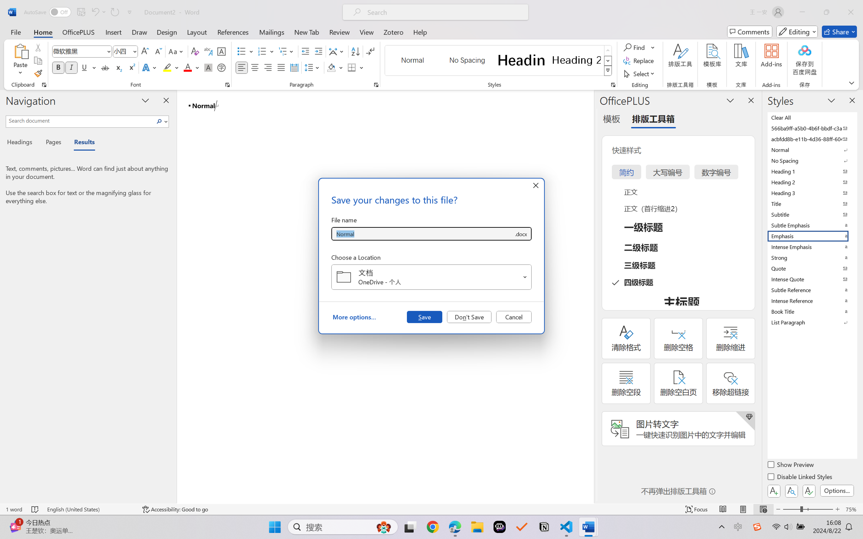  I want to click on 'Font Color Red', so click(188, 67).